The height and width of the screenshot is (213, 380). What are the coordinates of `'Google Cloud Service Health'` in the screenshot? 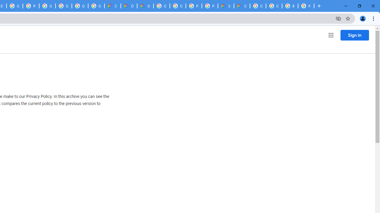 It's located at (242, 6).